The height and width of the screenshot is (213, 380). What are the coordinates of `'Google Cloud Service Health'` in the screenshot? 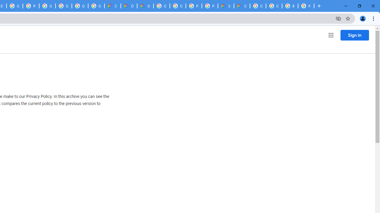 It's located at (242, 6).